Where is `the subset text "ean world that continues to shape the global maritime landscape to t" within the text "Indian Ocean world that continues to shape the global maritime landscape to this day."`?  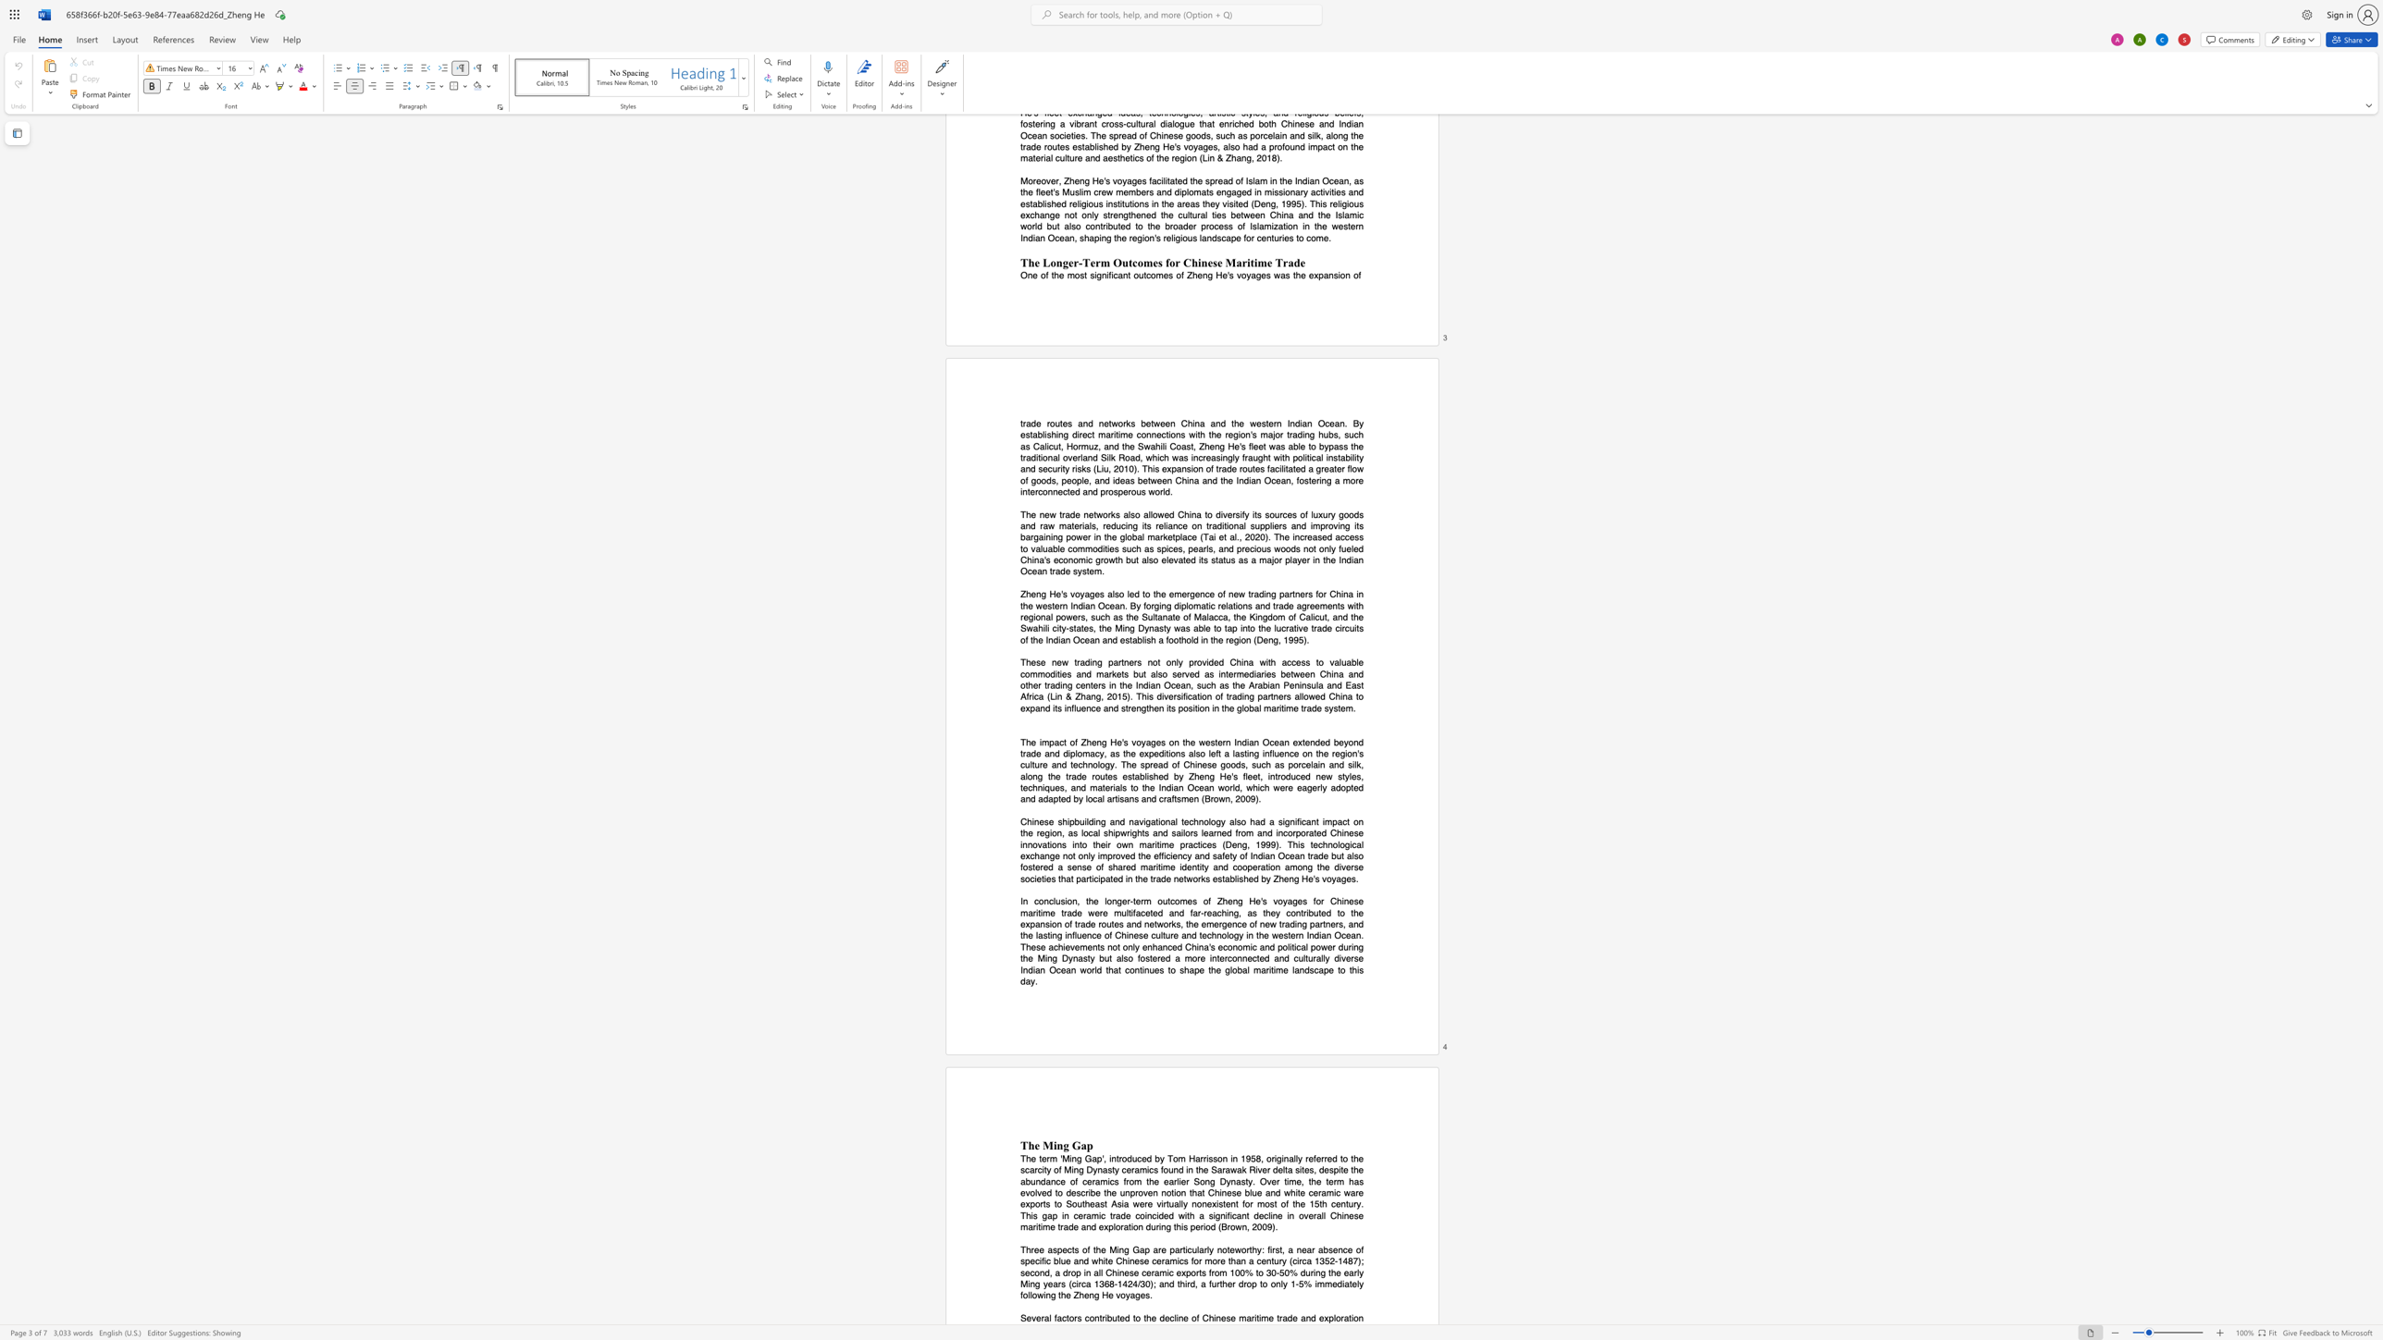
the subset text "ean world that continues to shape the global maritime landscape to t" within the text "Indian Ocean world that continues to shape the global maritime landscape to this day." is located at coordinates (1059, 968).